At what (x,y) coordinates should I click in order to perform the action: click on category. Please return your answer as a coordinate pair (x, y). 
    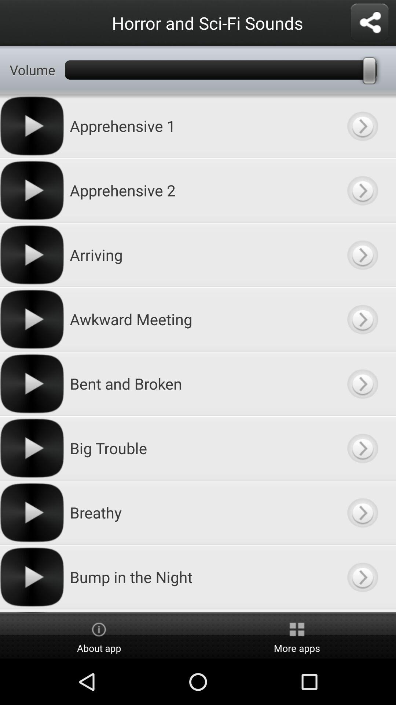
    Looking at the image, I should click on (362, 190).